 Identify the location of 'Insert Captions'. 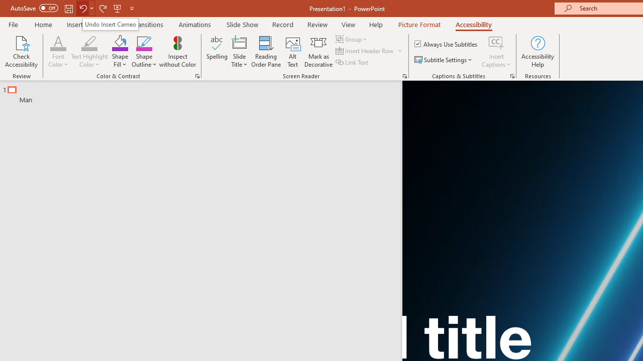
(496, 52).